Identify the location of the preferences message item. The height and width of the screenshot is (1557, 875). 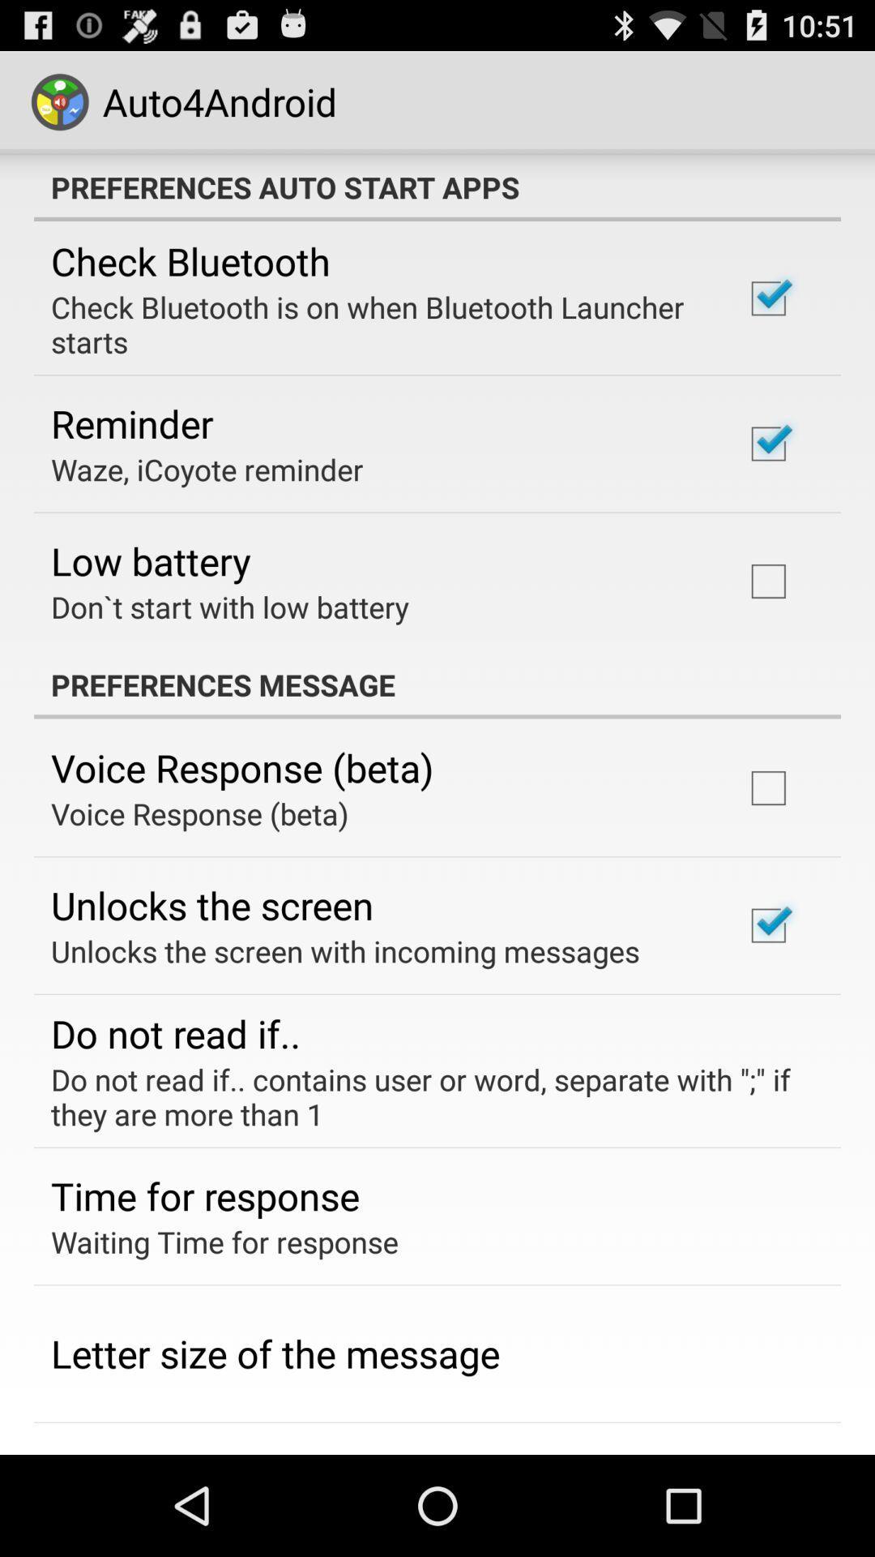
(437, 684).